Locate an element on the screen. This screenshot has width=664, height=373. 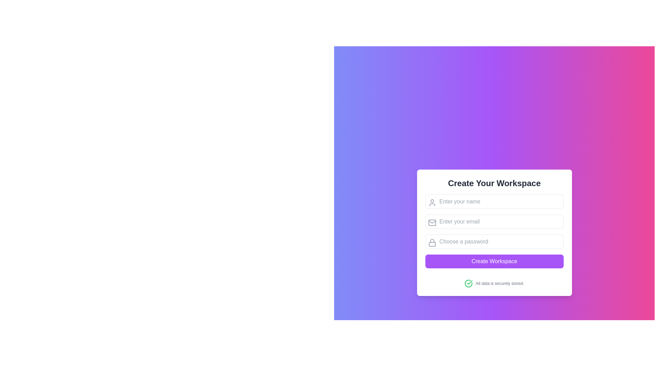
the icon that signifies the adjacent input field for the user's name entry, located to the left of the 'Enter your name' input field is located at coordinates (432, 202).